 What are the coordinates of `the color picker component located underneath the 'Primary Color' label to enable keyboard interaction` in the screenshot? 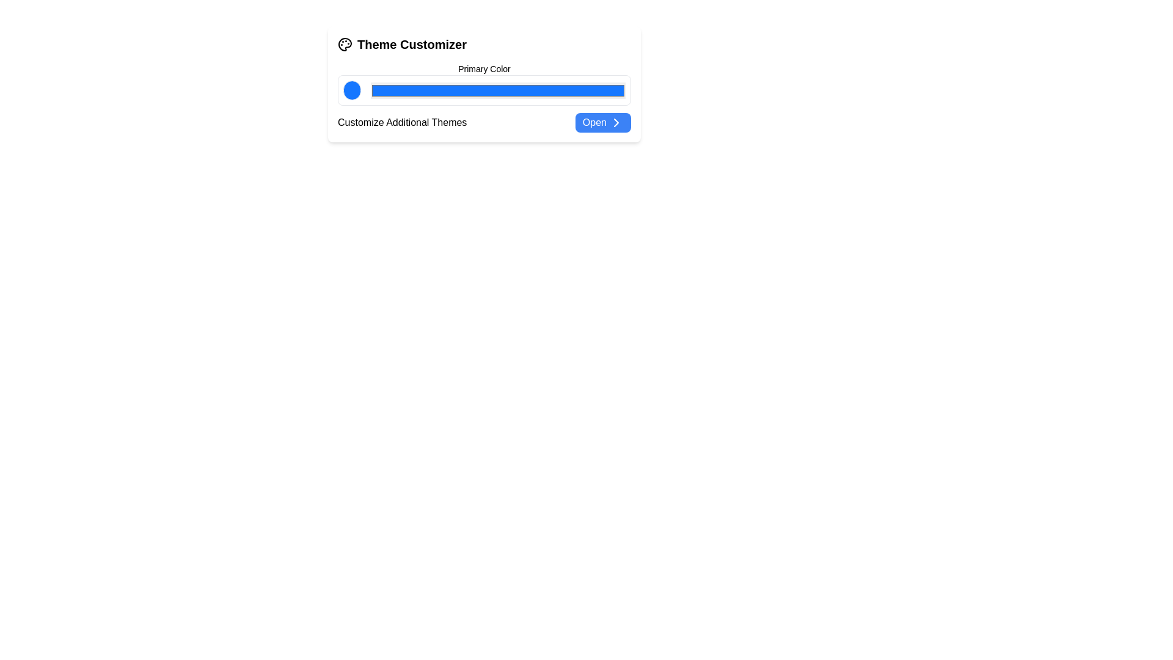 It's located at (483, 89).